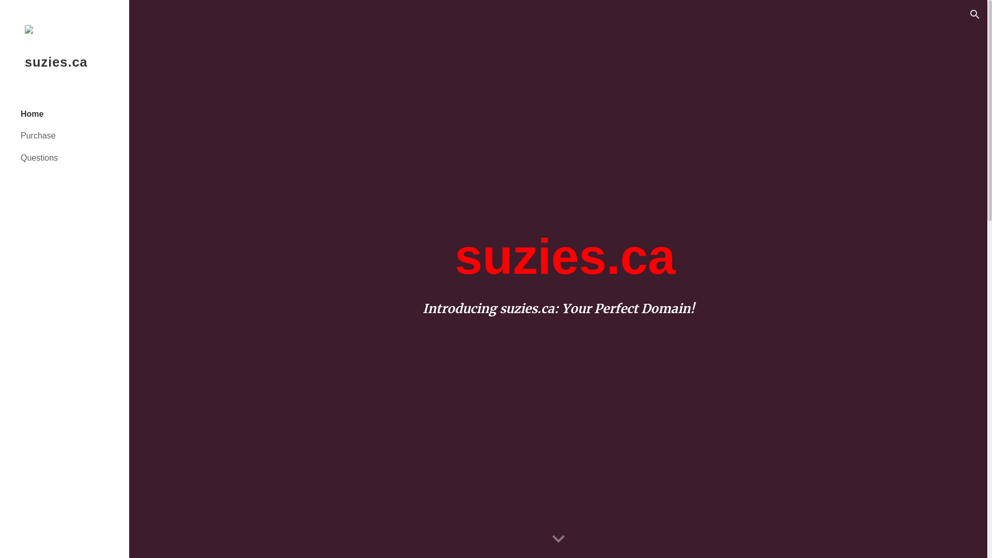  I want to click on 'suzies.ca', so click(64, 74).